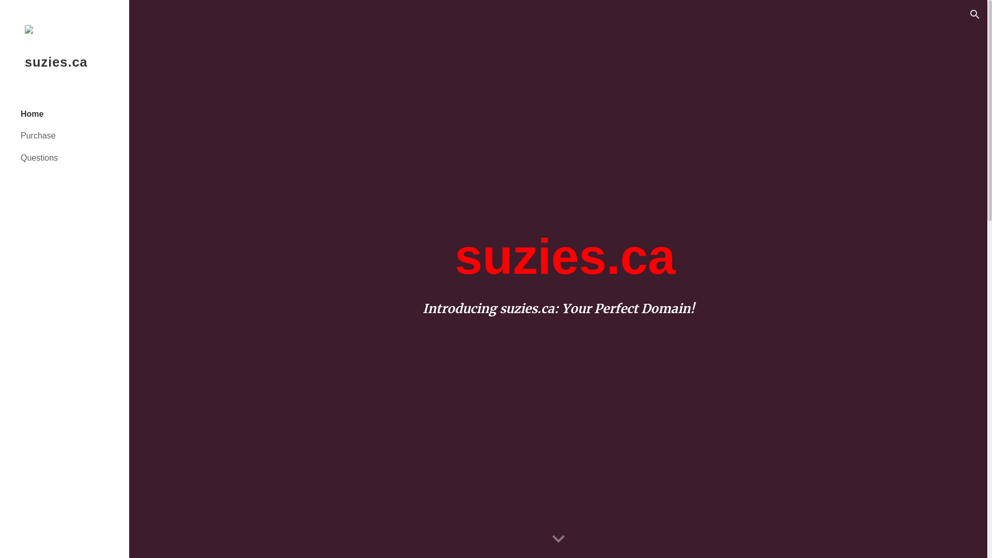  I want to click on 'suzies.ca', so click(64, 74).